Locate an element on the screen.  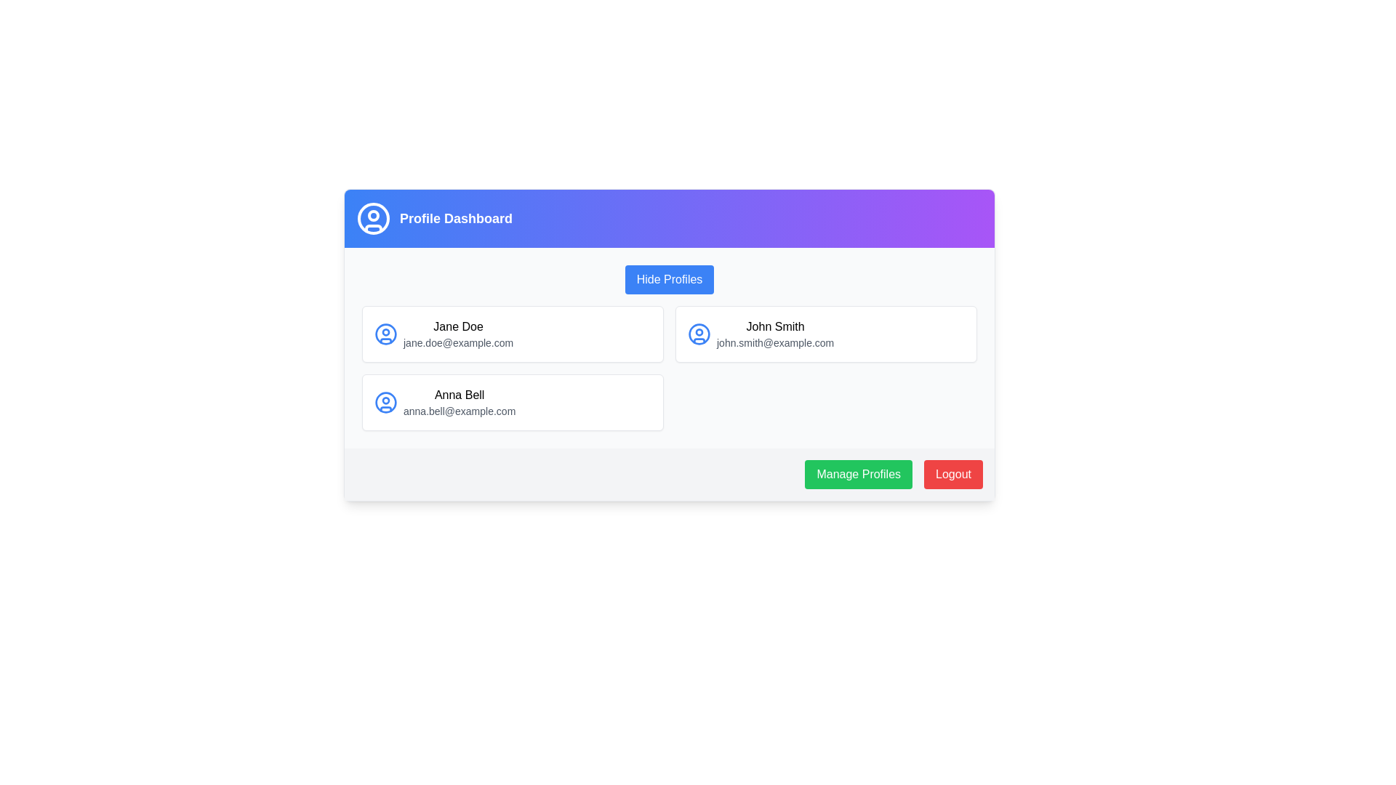
the button located to the left of the 'Logout' button in the lower-right corner is located at coordinates (859, 474).